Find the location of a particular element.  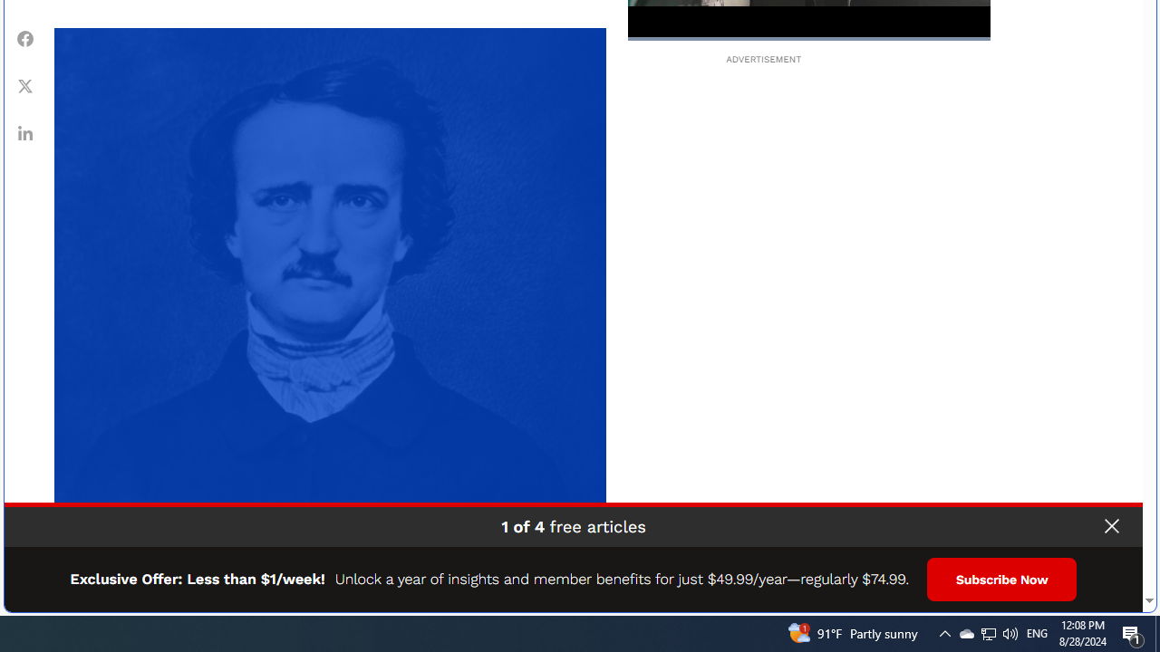

'Class: close-button unbutton' is located at coordinates (1110, 526).